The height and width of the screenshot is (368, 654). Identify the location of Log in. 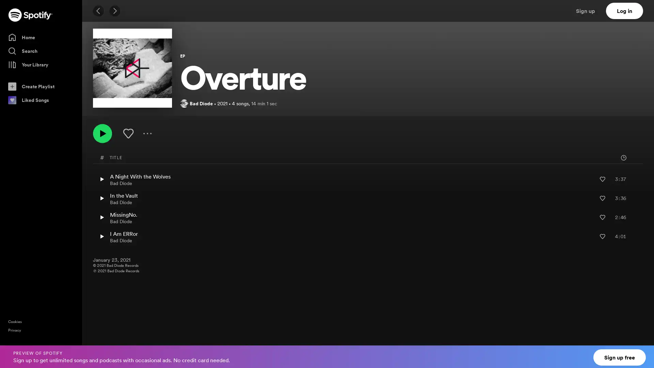
(624, 11).